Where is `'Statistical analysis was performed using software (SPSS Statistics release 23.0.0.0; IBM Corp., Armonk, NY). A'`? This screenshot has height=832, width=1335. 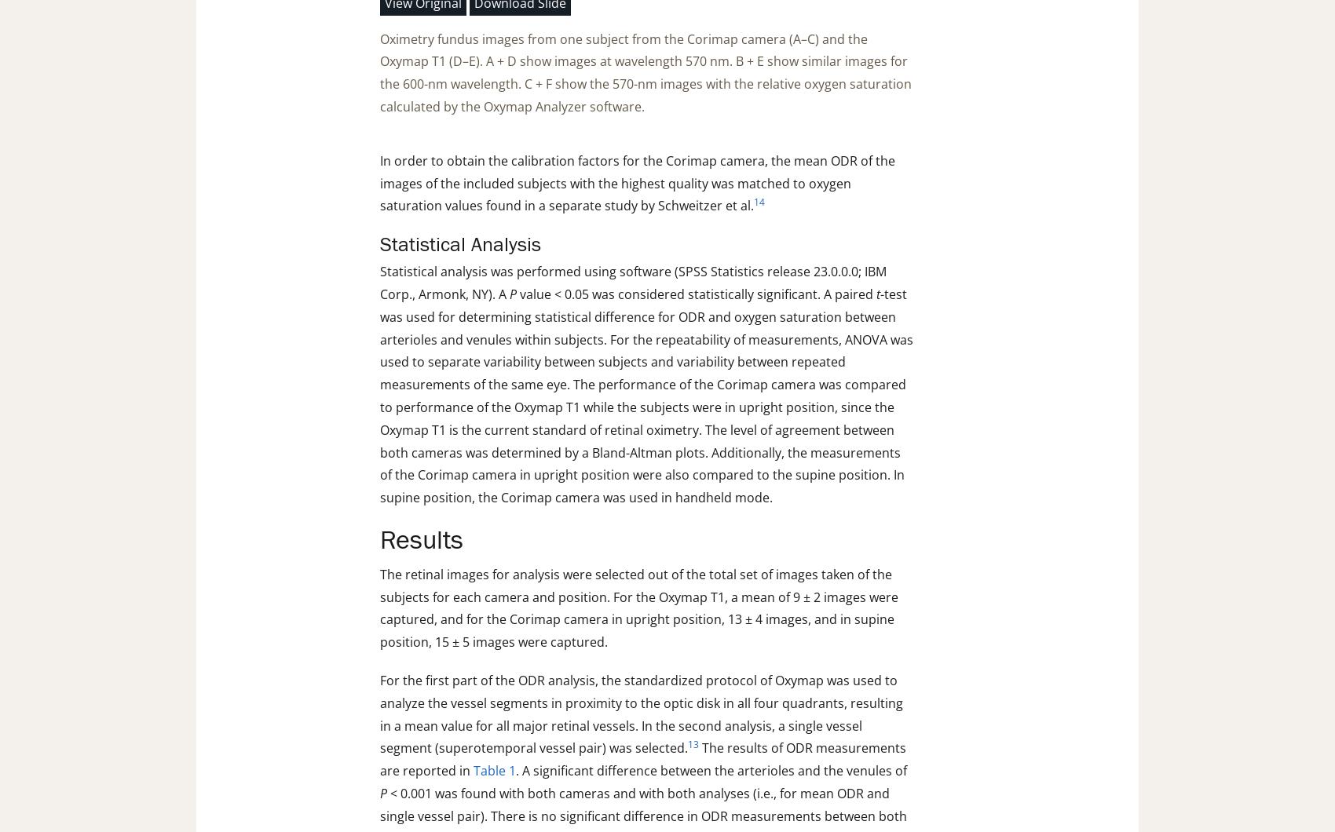 'Statistical analysis was performed using software (SPSS Statistics release 23.0.0.0; IBM Corp., Armonk, NY). A' is located at coordinates (632, 283).